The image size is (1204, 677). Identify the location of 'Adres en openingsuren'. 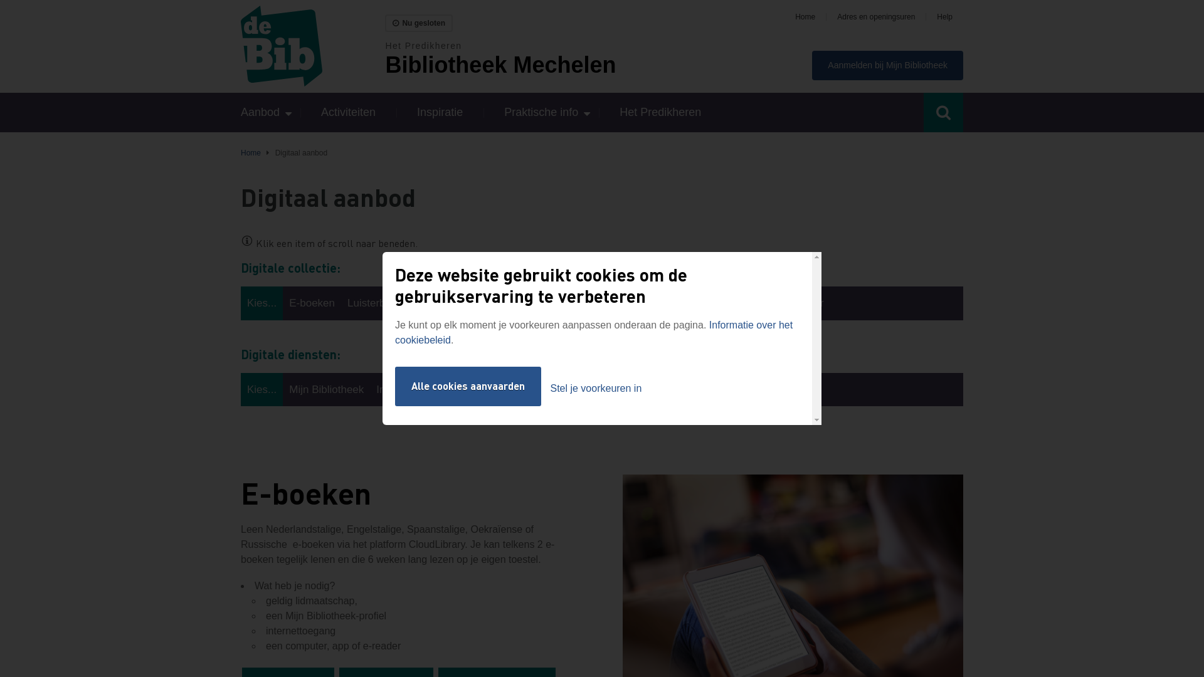
(875, 17).